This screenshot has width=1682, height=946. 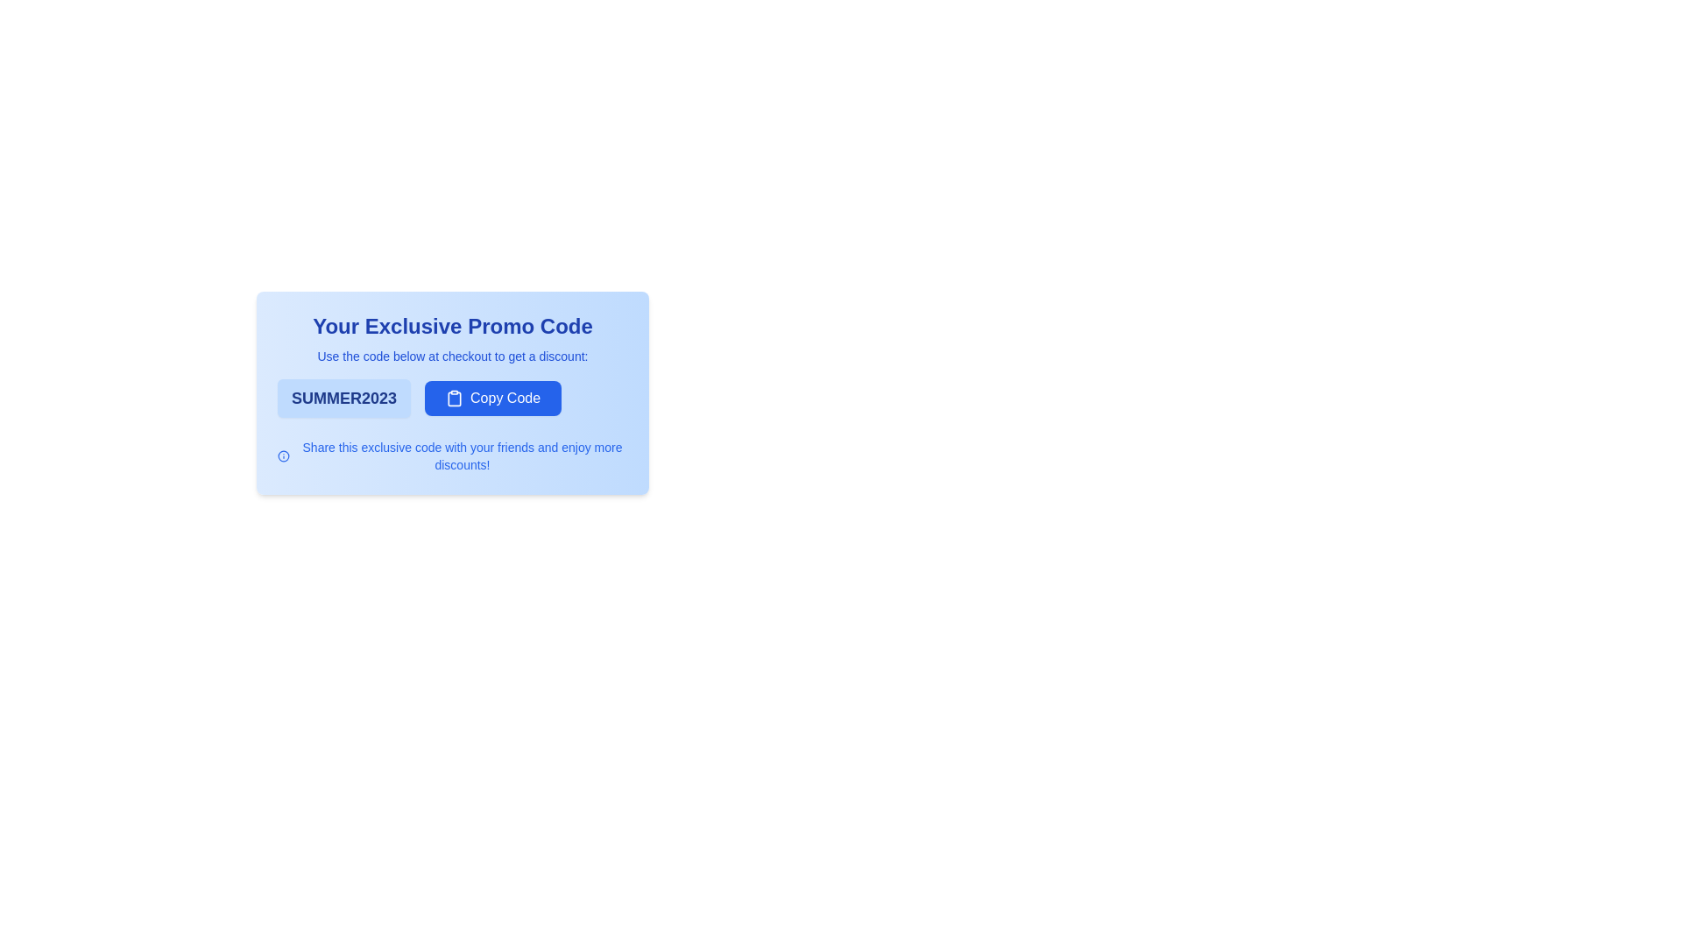 What do you see at coordinates (453, 356) in the screenshot?
I see `the static text label that reads 'Use the code below at checkout to get a discount:' positioned below the heading 'Your Exclusive Promo Code' in the promotional card` at bounding box center [453, 356].